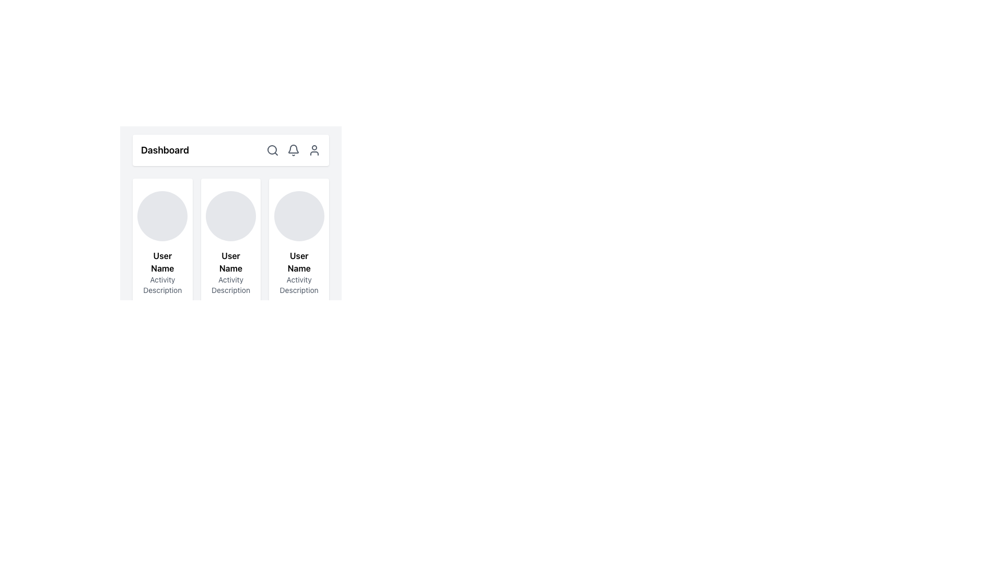  I want to click on the text label displaying 'Activity Description', which is styled in gray and located below the 'User Name' label in the centralized card, so click(230, 285).